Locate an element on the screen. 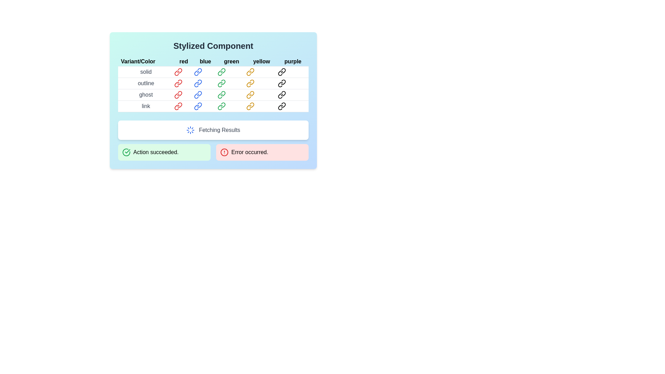 Image resolution: width=665 pixels, height=374 pixels. message displayed in the text label that says 'Action succeeded.' which is styled in green color and located in the lower left section of the interface is located at coordinates (156, 152).